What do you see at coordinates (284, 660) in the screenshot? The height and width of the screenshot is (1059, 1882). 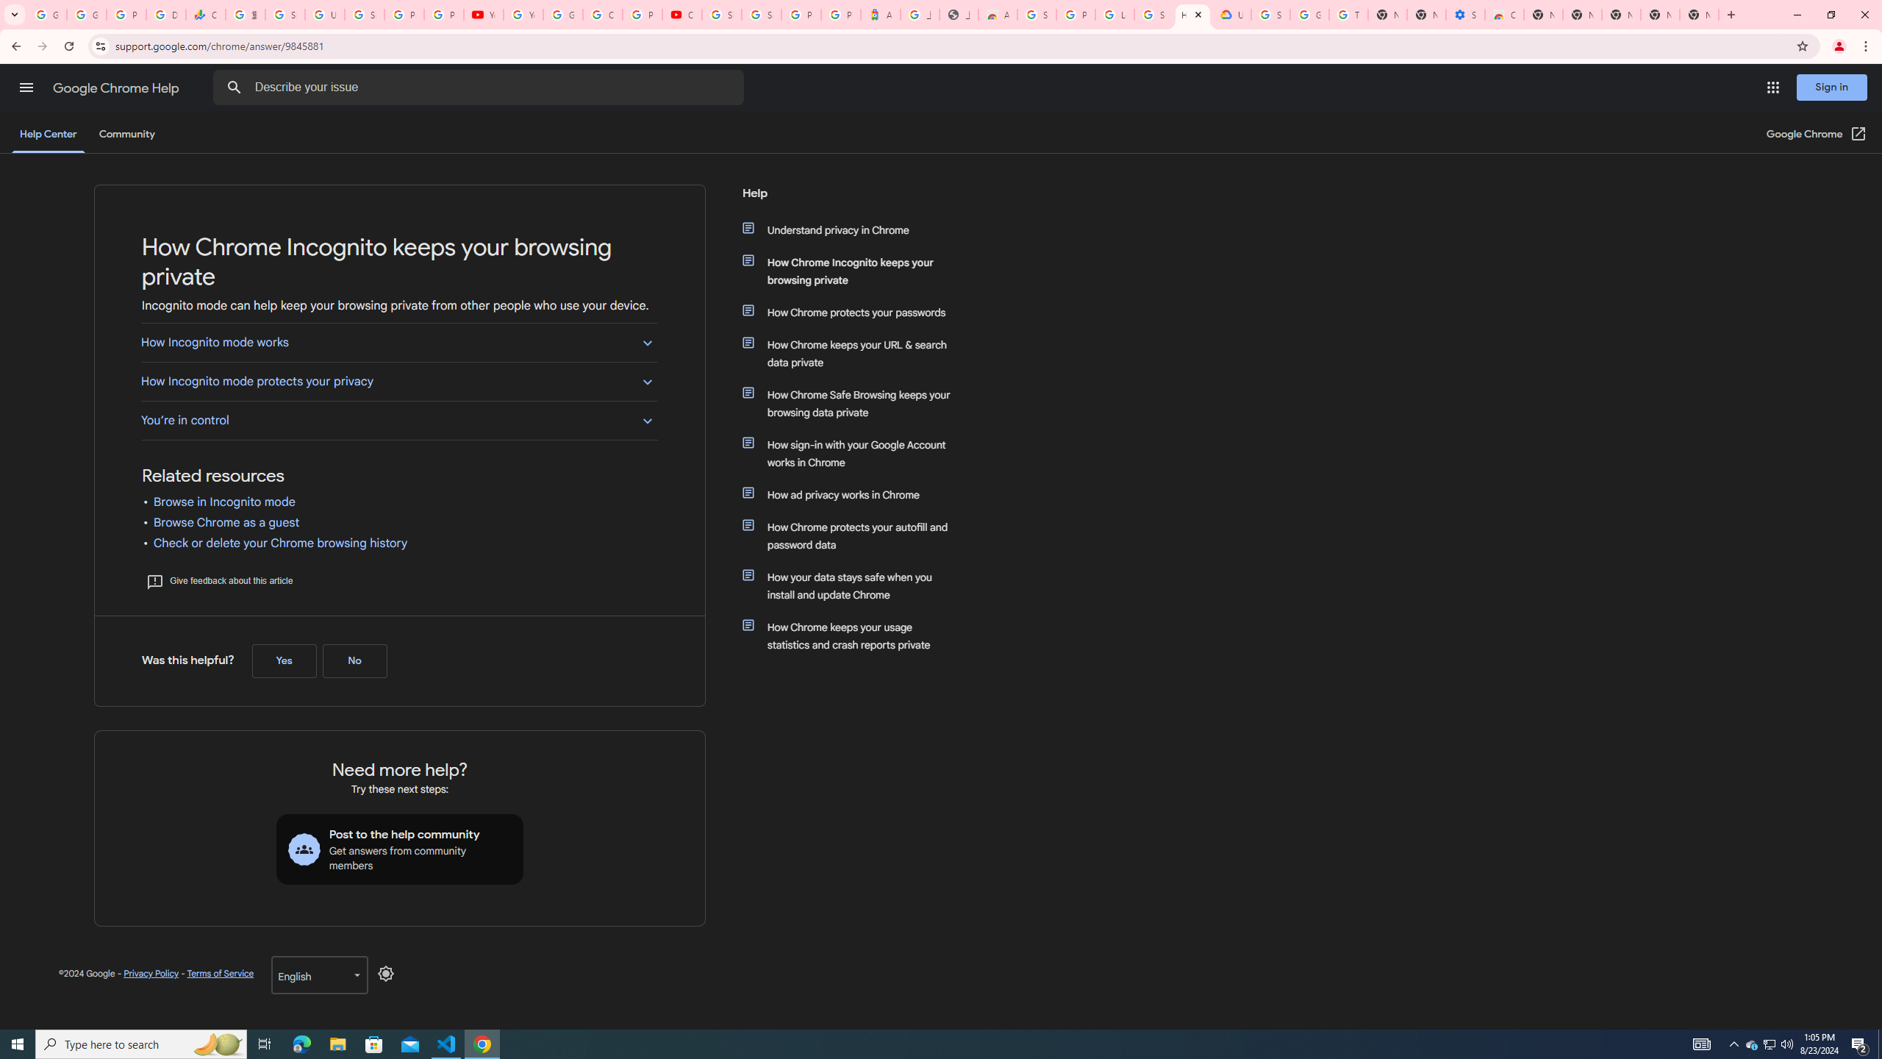 I see `'Yes (Was this helpful?)'` at bounding box center [284, 660].